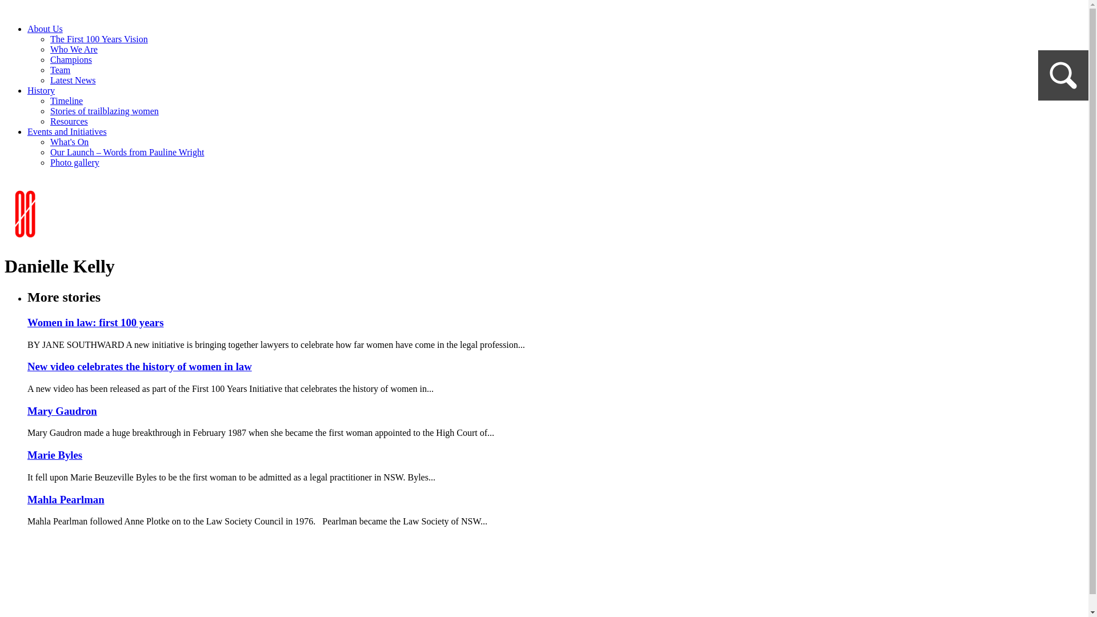 The height and width of the screenshot is (617, 1097). I want to click on 'Champions', so click(70, 59).